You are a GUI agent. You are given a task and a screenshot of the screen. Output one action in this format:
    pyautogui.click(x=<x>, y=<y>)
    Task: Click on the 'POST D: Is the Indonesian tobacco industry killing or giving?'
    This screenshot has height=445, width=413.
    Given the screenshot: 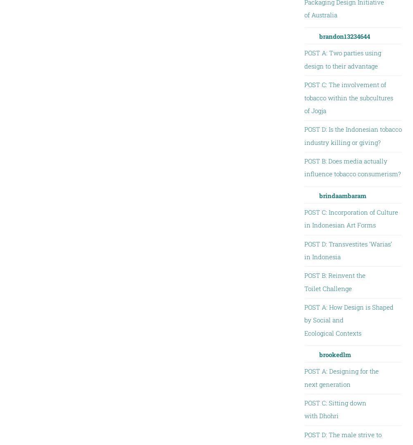 What is the action you would take?
    pyautogui.click(x=304, y=135)
    